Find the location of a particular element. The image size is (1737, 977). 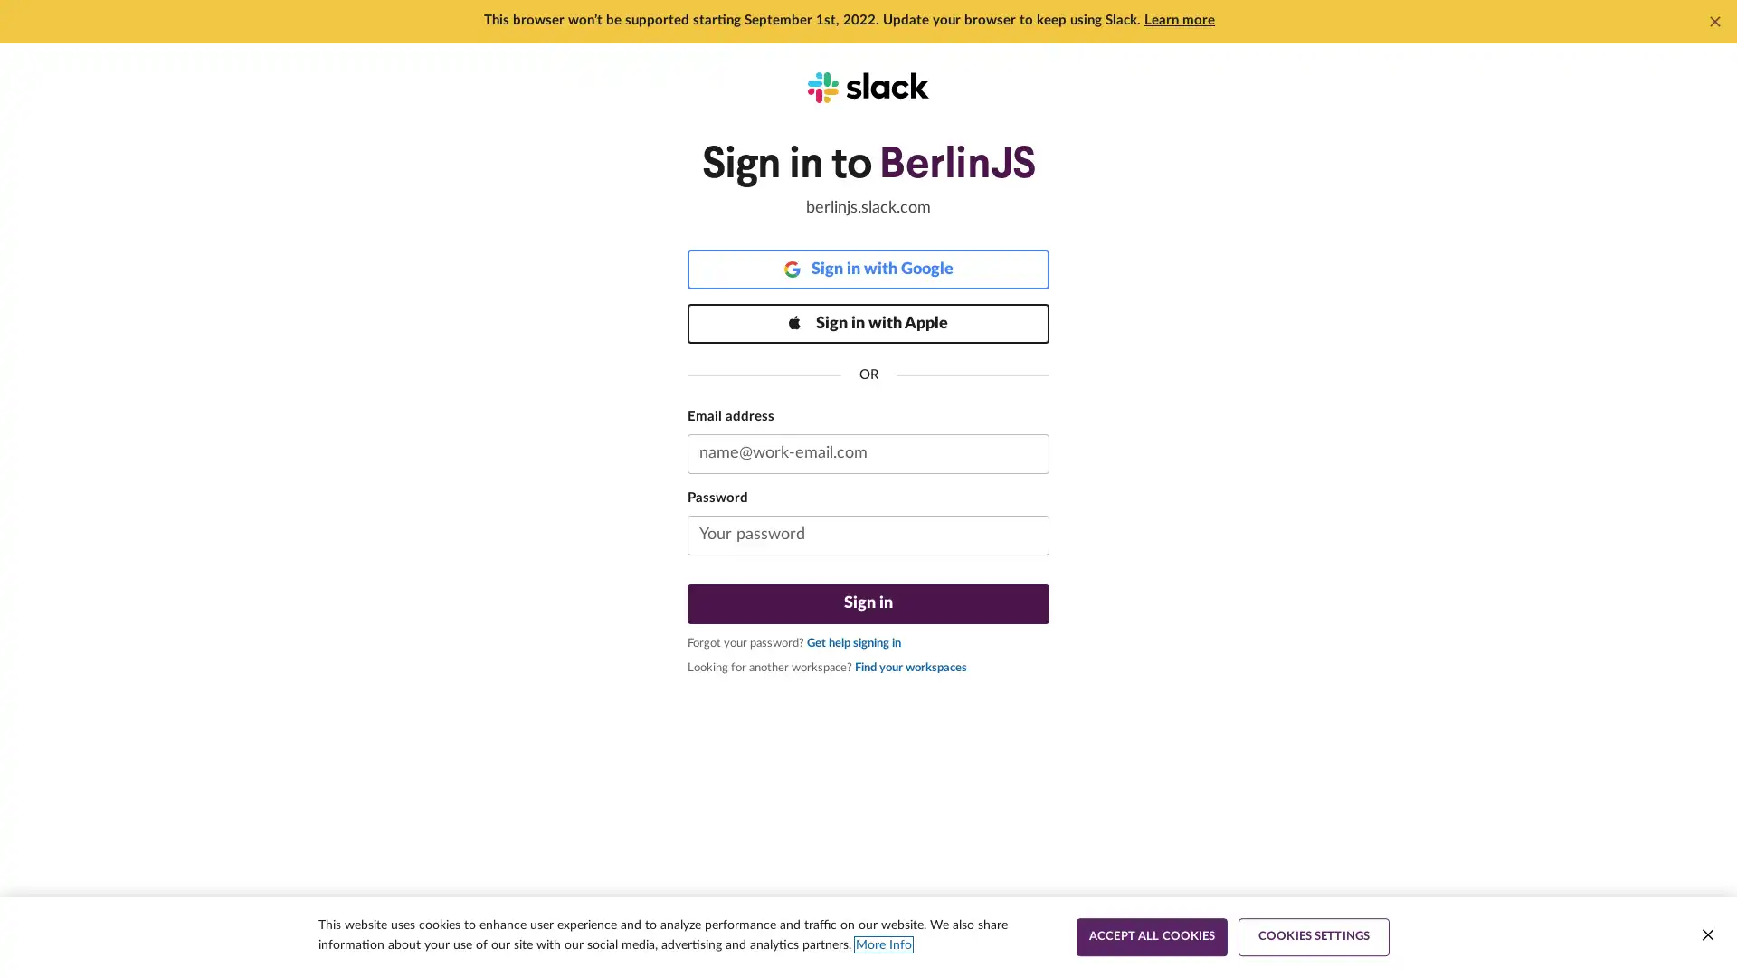

Sign in is located at coordinates (868, 603).